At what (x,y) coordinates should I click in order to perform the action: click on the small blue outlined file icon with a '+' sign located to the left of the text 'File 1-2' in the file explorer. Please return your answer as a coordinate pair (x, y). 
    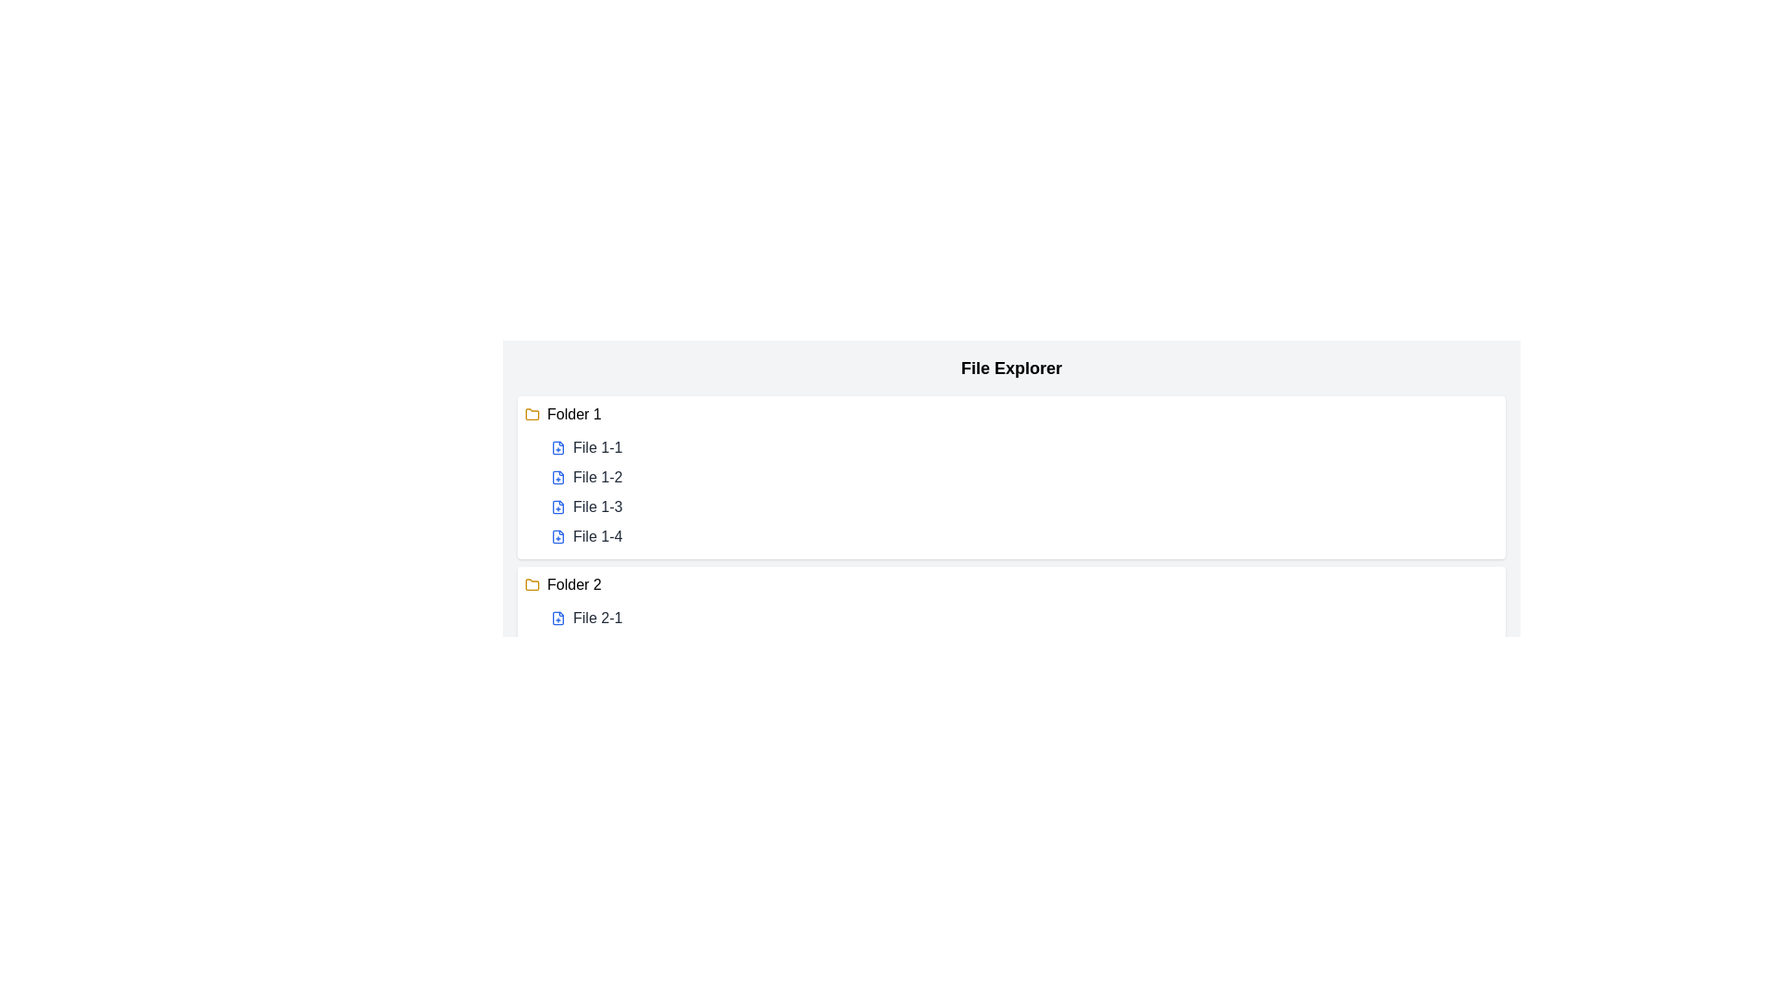
    Looking at the image, I should click on (557, 477).